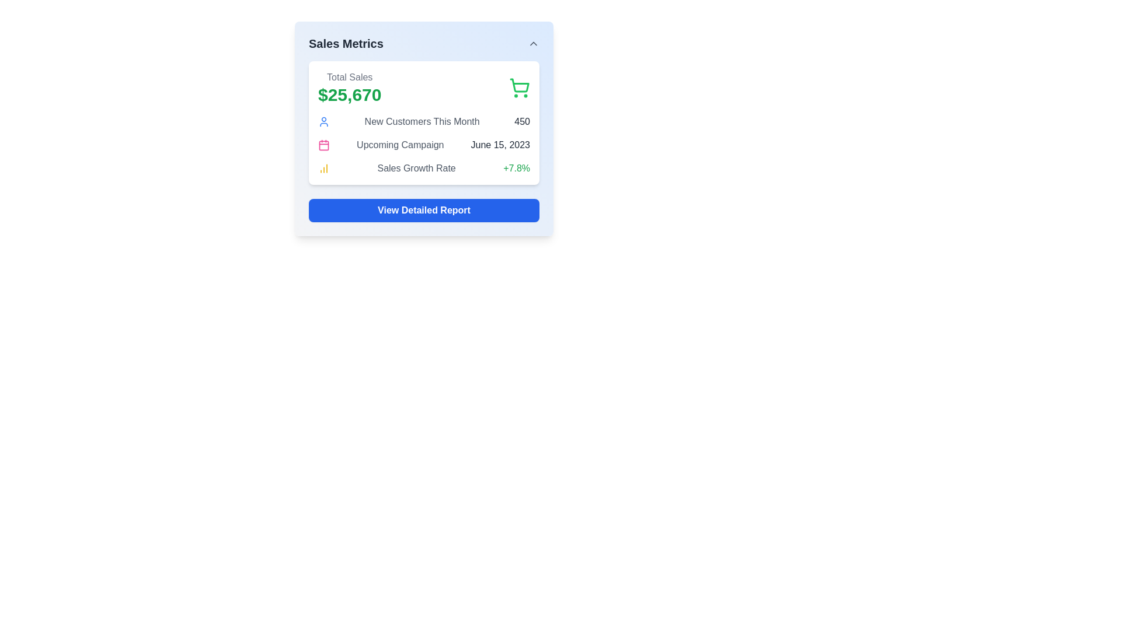 The height and width of the screenshot is (630, 1121). What do you see at coordinates (519, 85) in the screenshot?
I see `the green shopping cart icon located on the right side of the 'Total Sales' section within the 'Sales Metrics' card` at bounding box center [519, 85].